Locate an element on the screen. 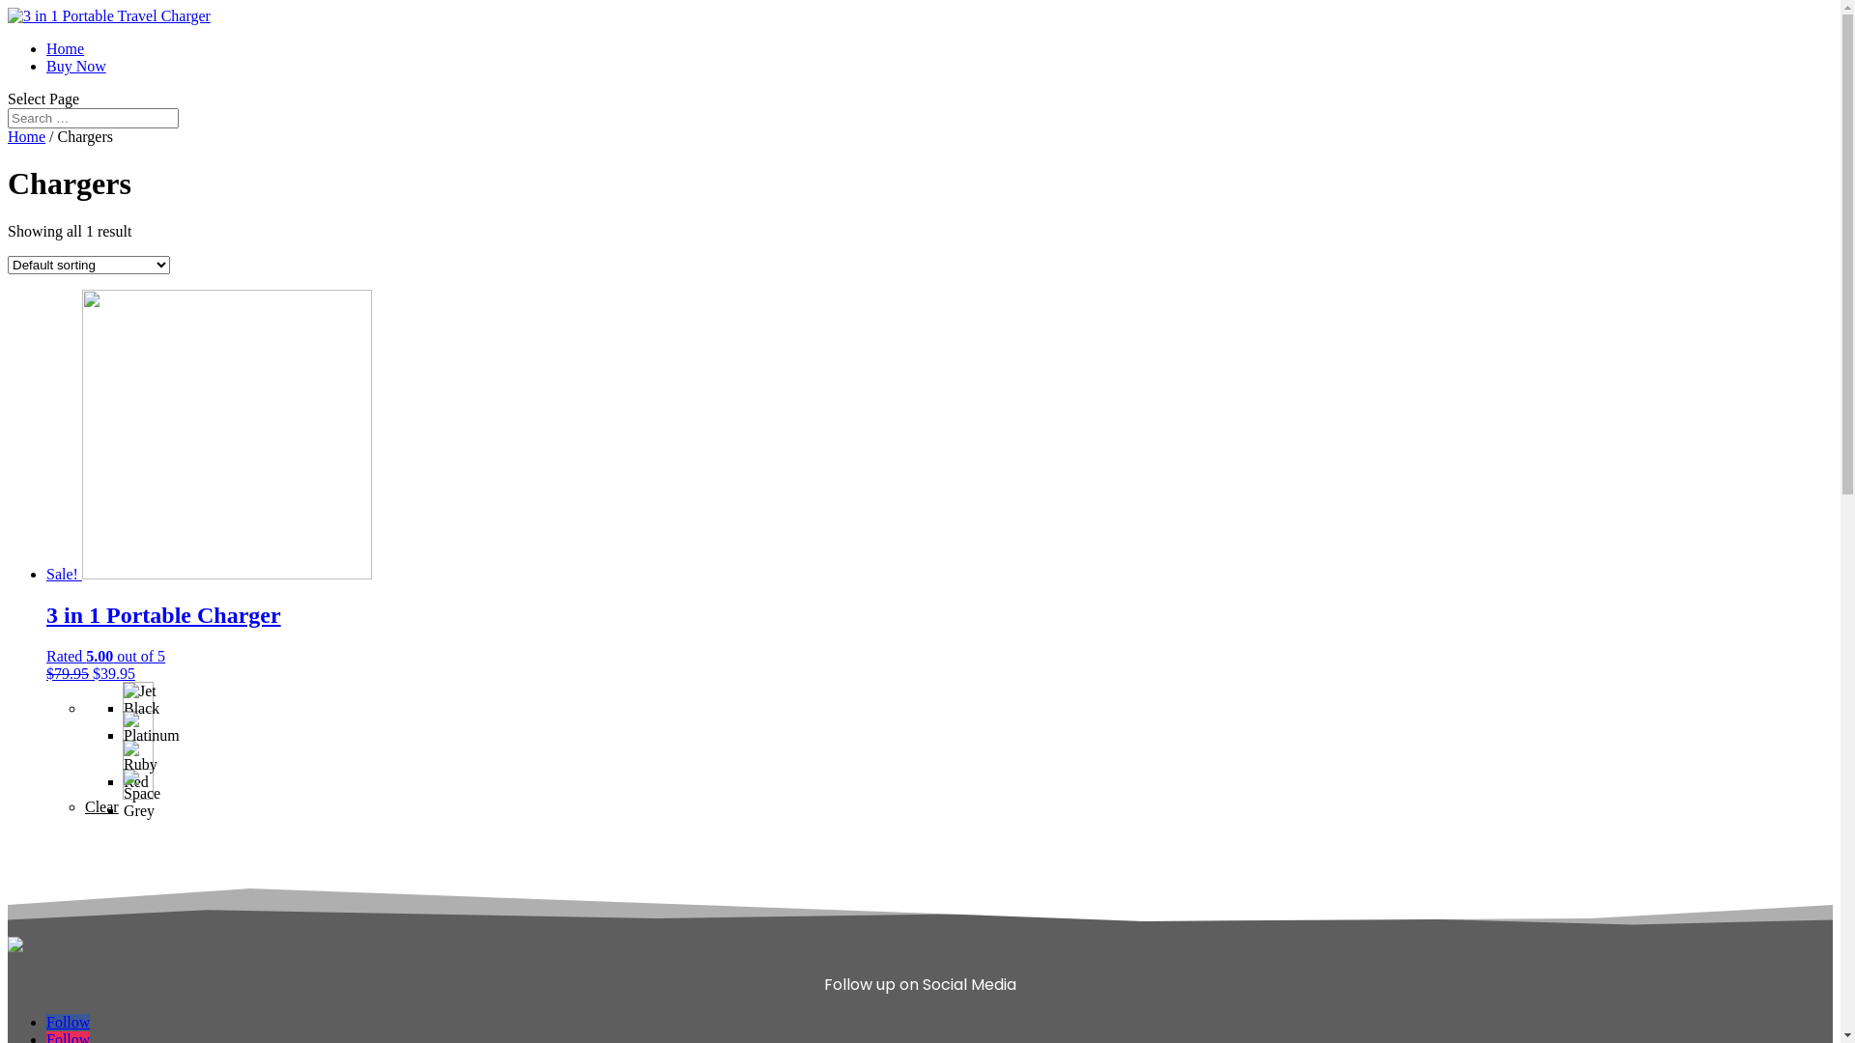 This screenshot has width=1855, height=1043. 'Platinum' is located at coordinates (137, 726).